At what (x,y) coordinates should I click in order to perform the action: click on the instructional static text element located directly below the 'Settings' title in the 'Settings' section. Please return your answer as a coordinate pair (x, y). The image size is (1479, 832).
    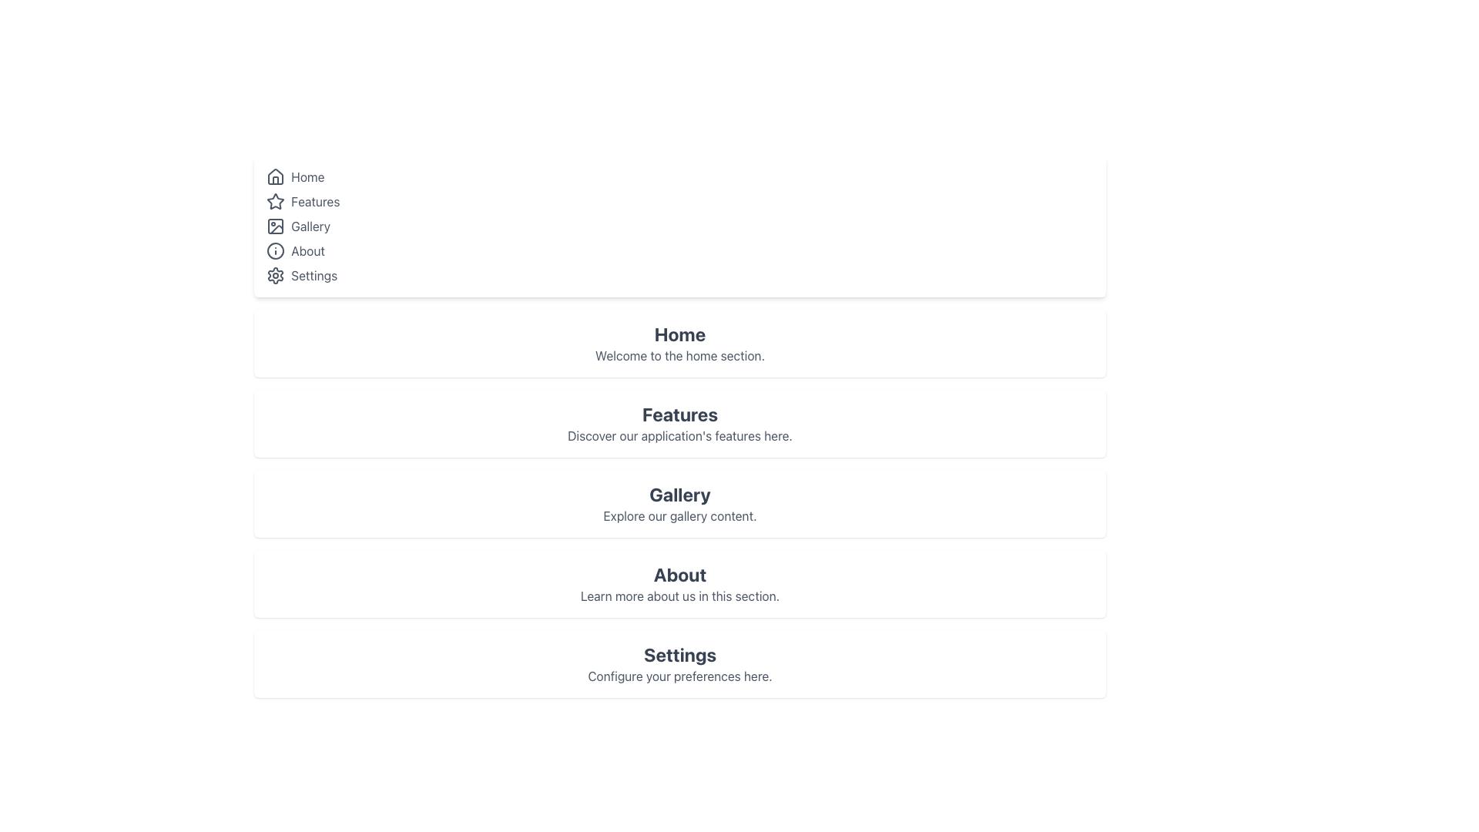
    Looking at the image, I should click on (679, 676).